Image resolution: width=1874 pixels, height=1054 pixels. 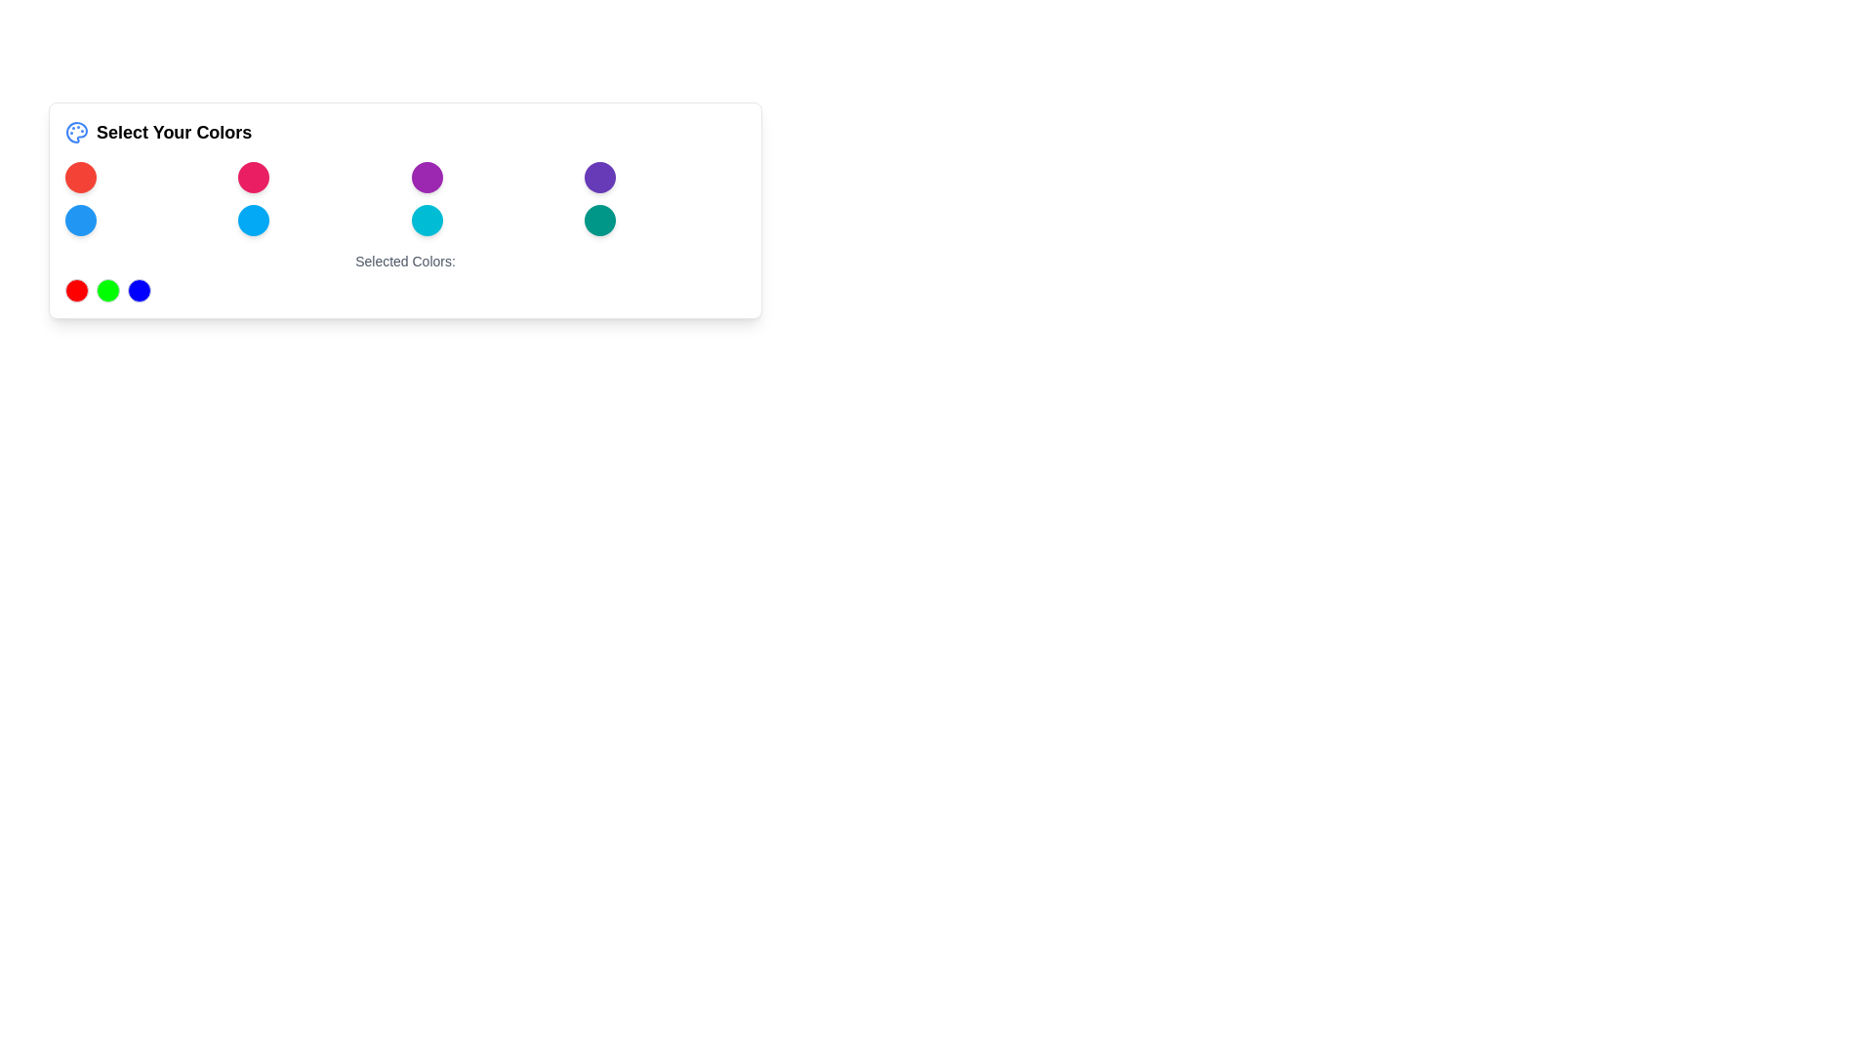 I want to click on the grid layout displaying a palette of selectable colors, located below the 'Select Your Colors' section title and above the 'Selected Colors:' section, so click(x=404, y=199).